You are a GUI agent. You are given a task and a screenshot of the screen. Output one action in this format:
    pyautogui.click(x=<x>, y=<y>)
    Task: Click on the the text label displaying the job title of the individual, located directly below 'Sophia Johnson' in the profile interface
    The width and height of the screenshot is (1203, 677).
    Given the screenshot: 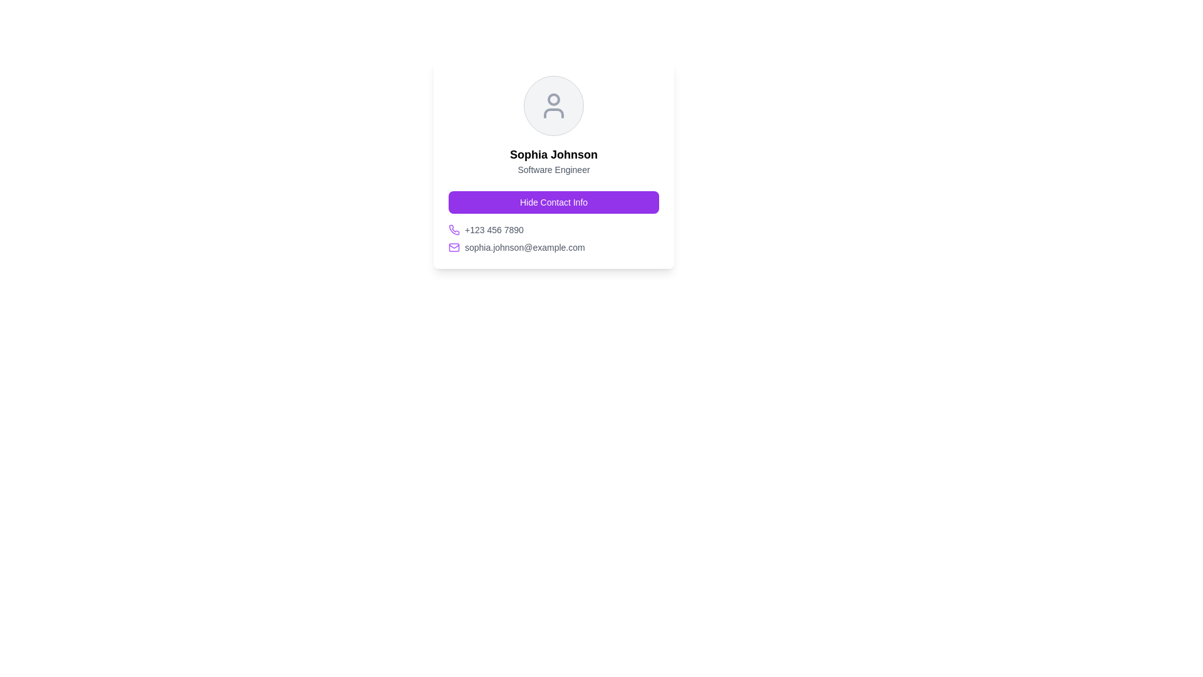 What is the action you would take?
    pyautogui.click(x=553, y=169)
    